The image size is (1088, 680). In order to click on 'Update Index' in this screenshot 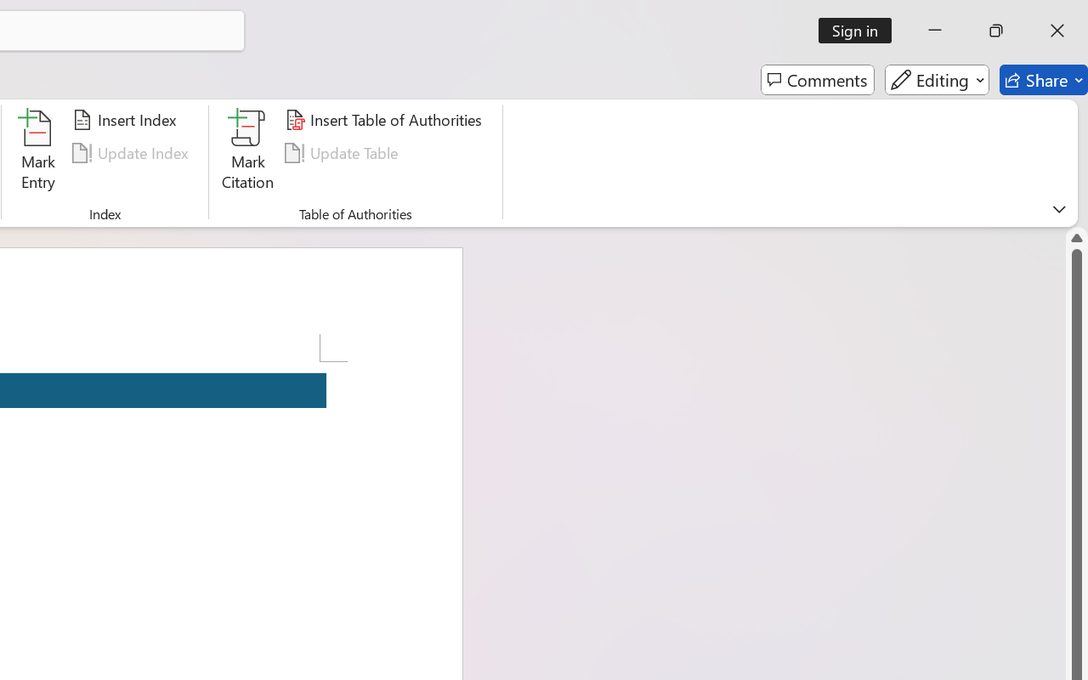, I will do `click(132, 152)`.